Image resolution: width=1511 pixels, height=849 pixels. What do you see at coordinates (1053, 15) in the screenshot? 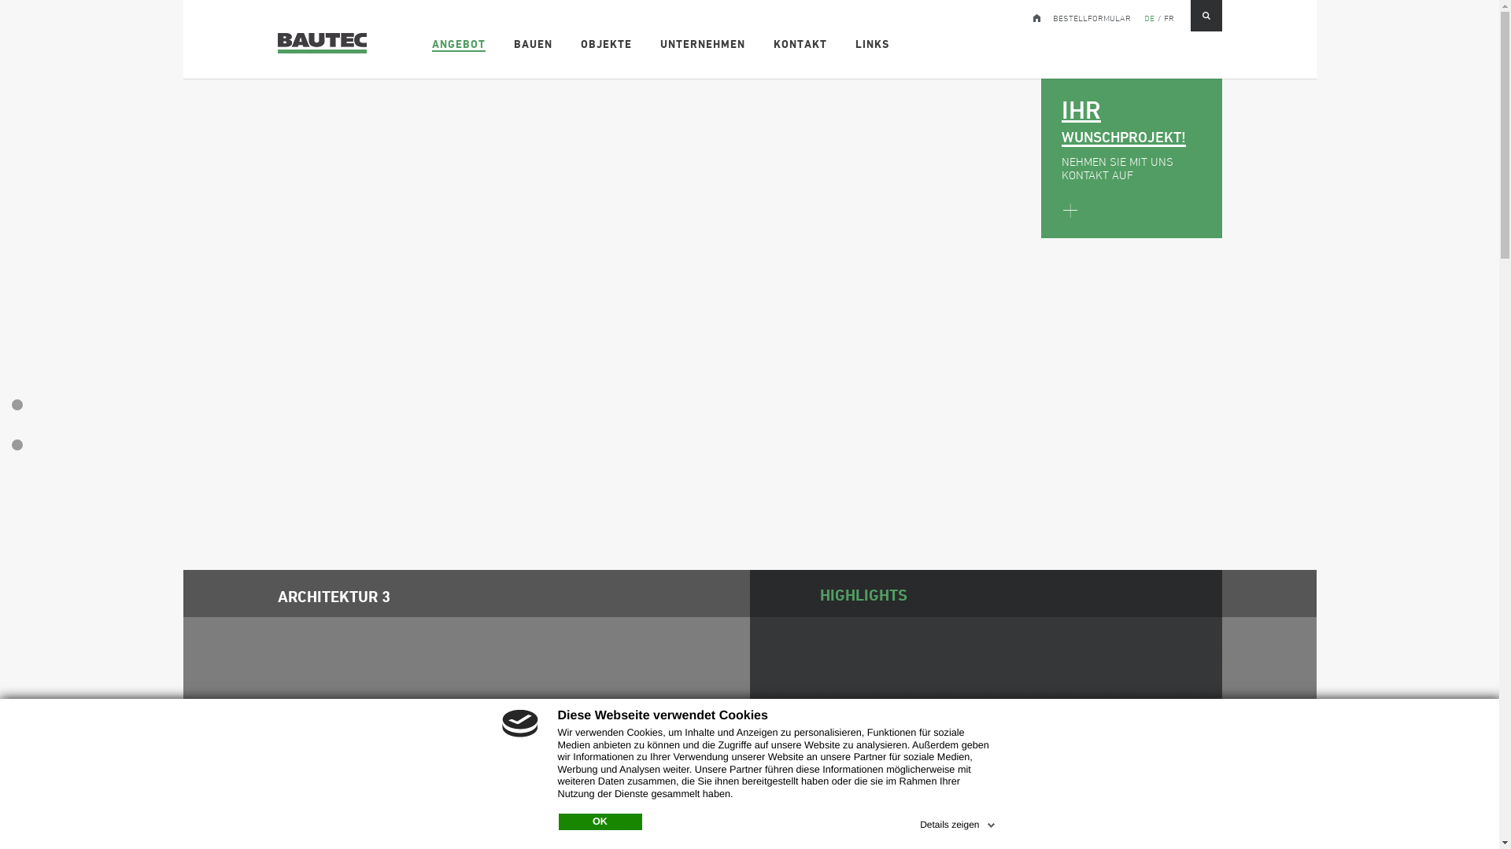
I see `'BESTELLFORMULAR'` at bounding box center [1053, 15].